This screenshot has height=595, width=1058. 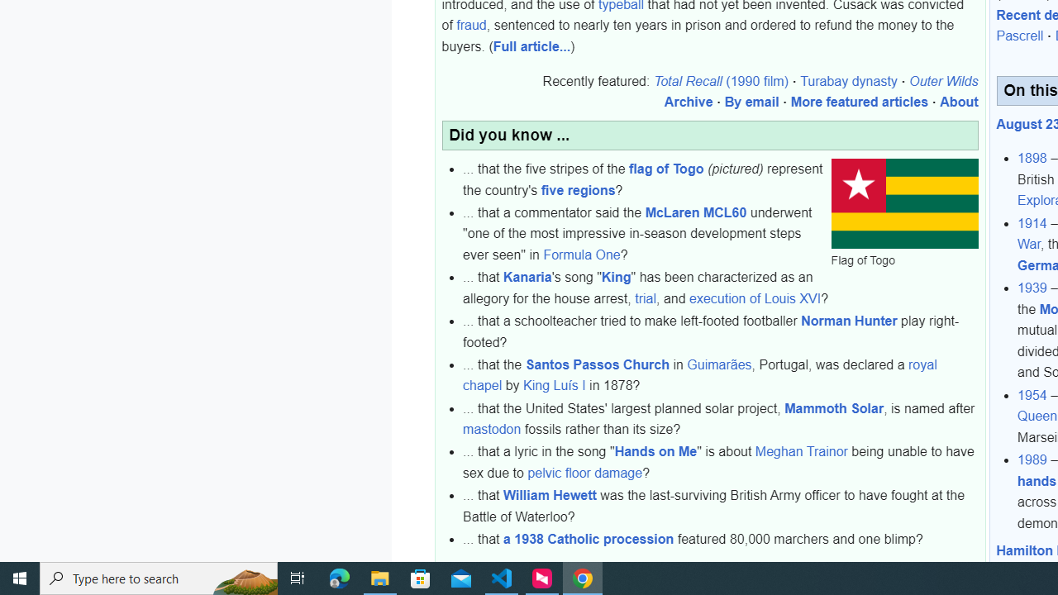 What do you see at coordinates (1032, 459) in the screenshot?
I see `'1989'` at bounding box center [1032, 459].